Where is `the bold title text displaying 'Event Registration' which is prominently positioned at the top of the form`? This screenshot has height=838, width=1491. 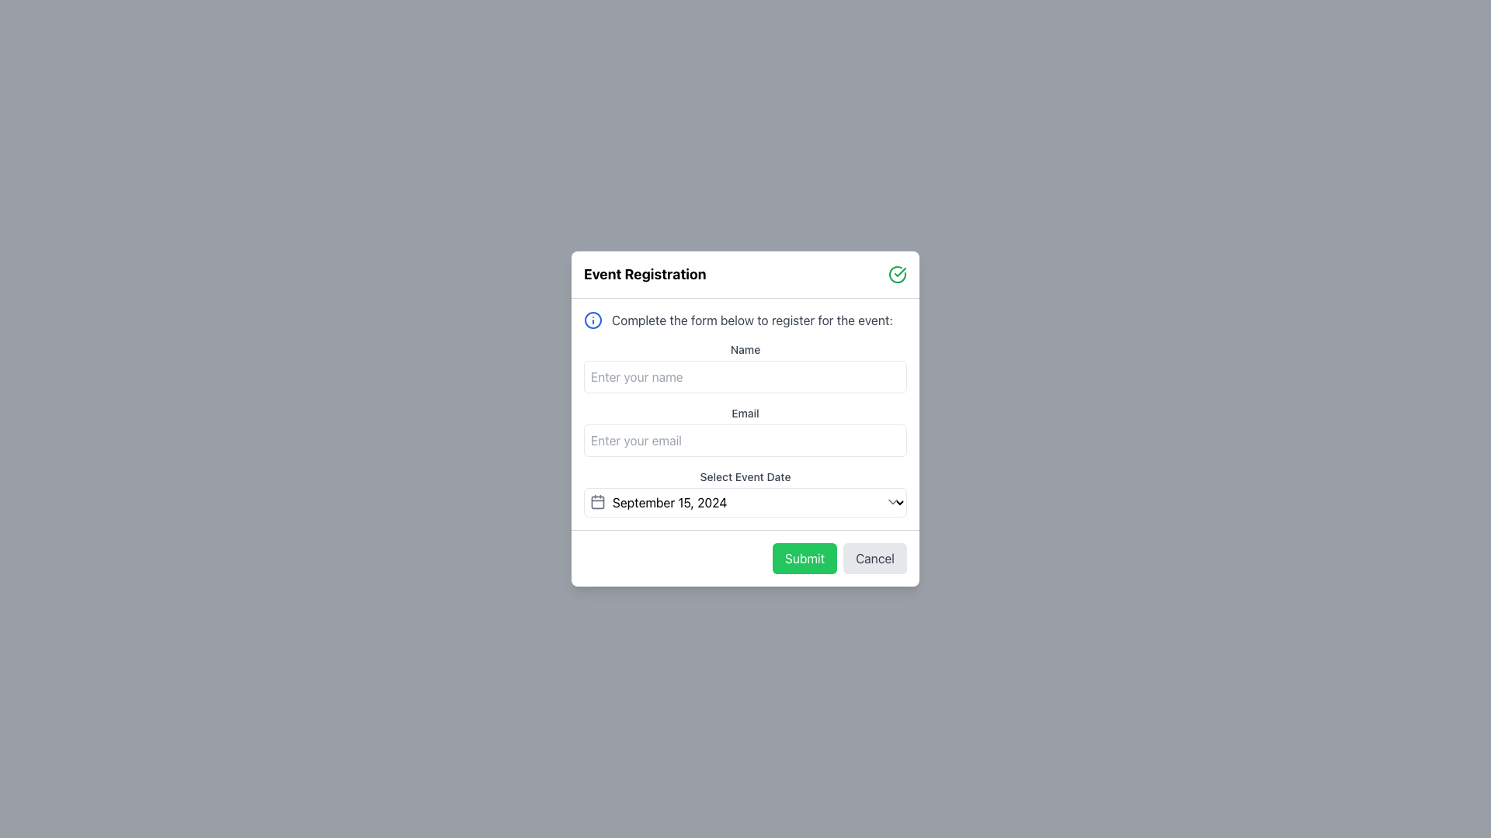 the bold title text displaying 'Event Registration' which is prominently positioned at the top of the form is located at coordinates (645, 274).